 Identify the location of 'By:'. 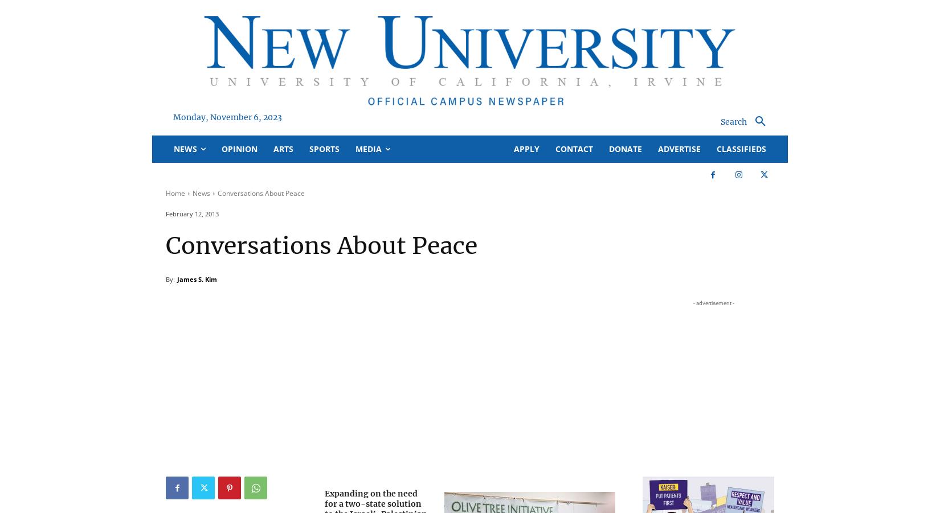
(170, 279).